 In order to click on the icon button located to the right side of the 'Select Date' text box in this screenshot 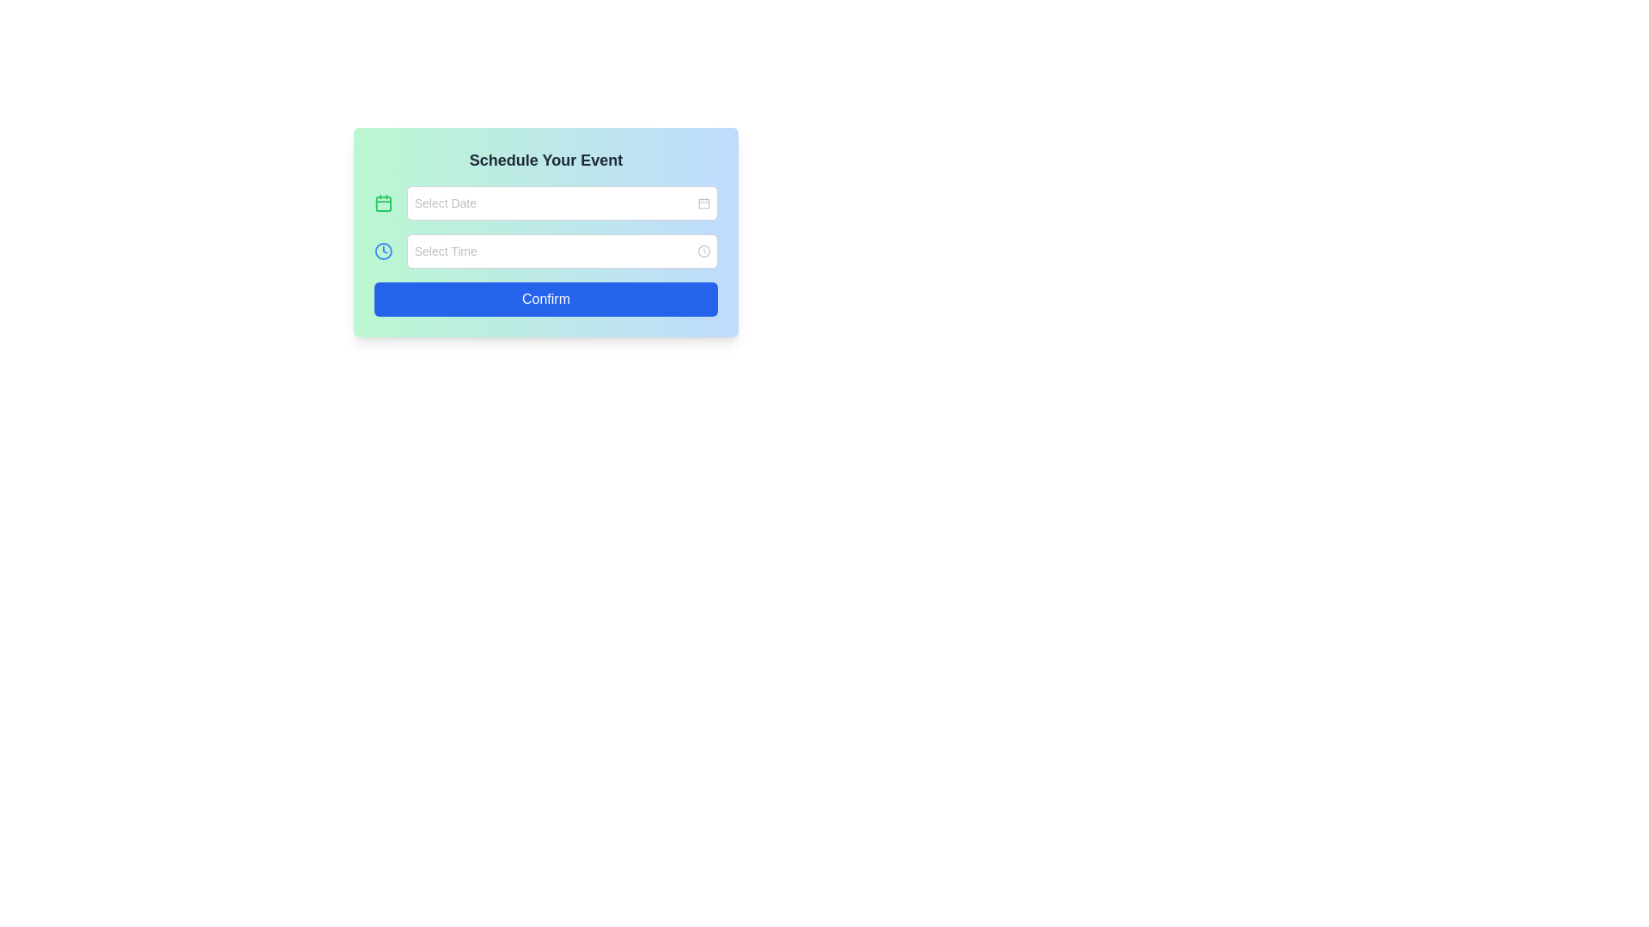, I will do `click(704, 202)`.